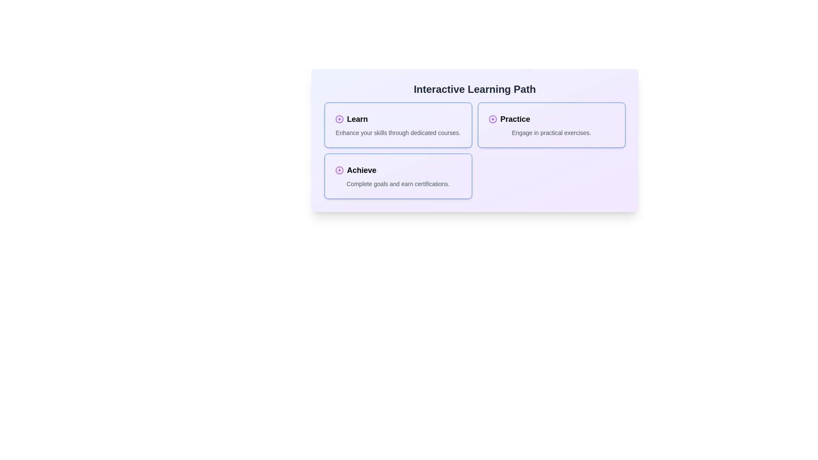  What do you see at coordinates (339, 119) in the screenshot?
I see `the circular icon with a plus sign that is positioned adjacent to the text label 'Learn' within the first card of the interface` at bounding box center [339, 119].